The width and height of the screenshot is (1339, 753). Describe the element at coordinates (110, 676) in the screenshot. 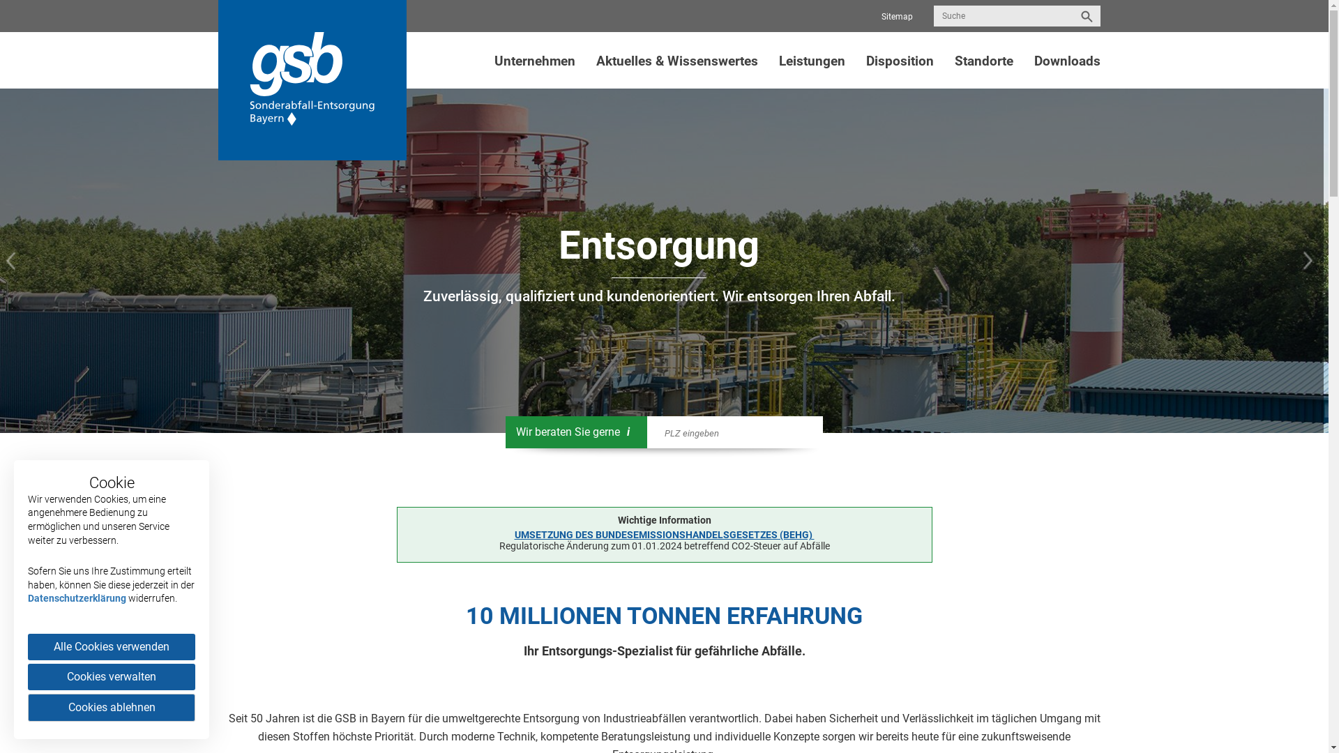

I see `'Cookies verwalten'` at that location.